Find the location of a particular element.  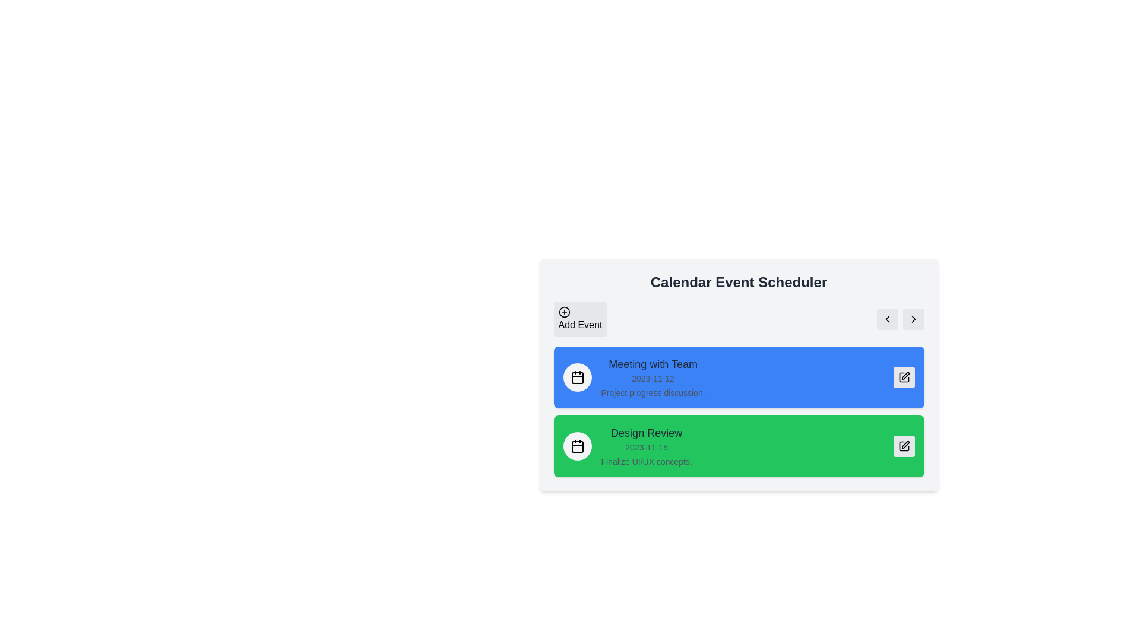

the black outline calendar icon within the green circular background, which represents the 'Design Review' event entry in the 'Calendar Event Scheduler' is located at coordinates (577, 446).